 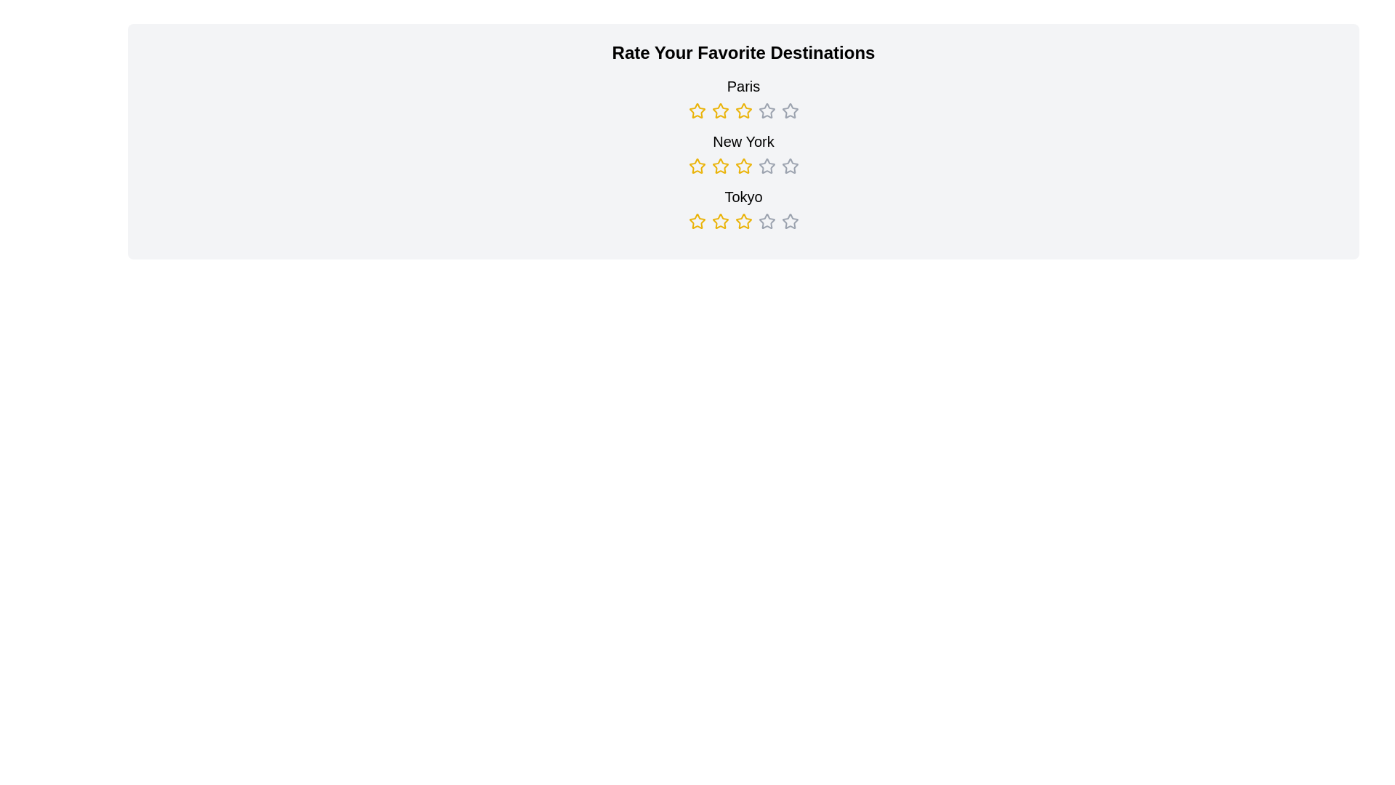 What do you see at coordinates (766, 165) in the screenshot?
I see `the interactive gray-outline star icon, which is the 5th star in the row for rating 'New York'` at bounding box center [766, 165].